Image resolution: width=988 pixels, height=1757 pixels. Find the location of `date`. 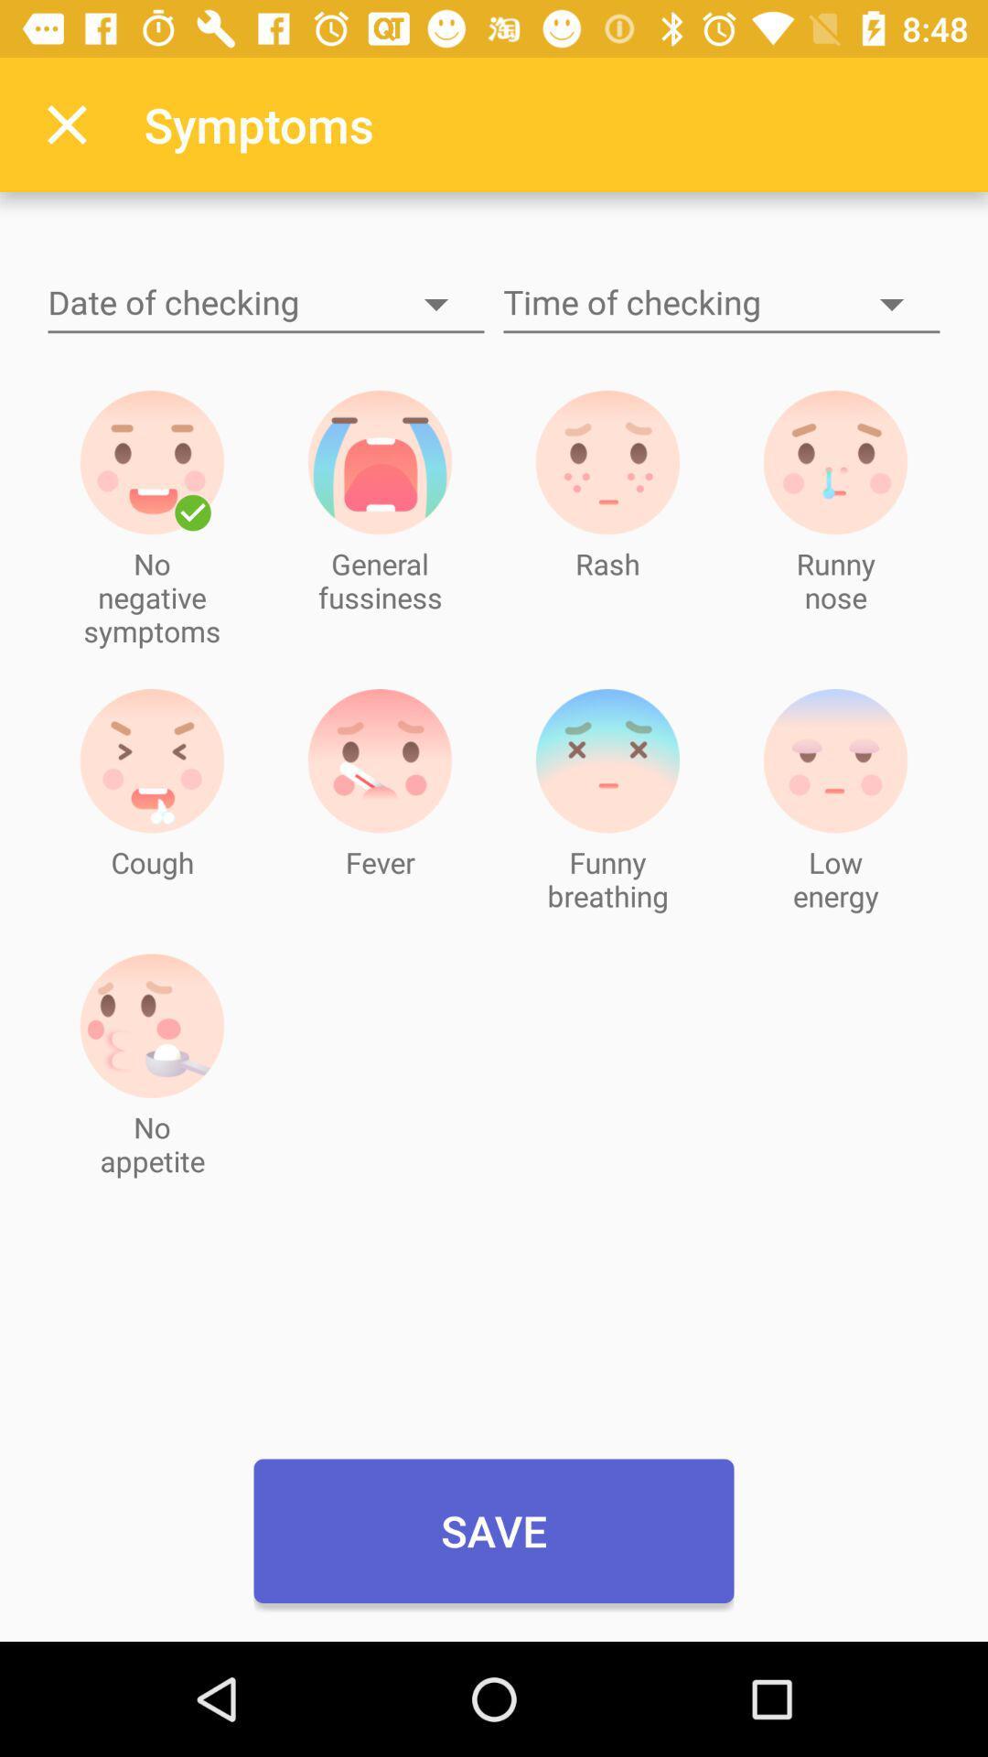

date is located at coordinates (265, 304).